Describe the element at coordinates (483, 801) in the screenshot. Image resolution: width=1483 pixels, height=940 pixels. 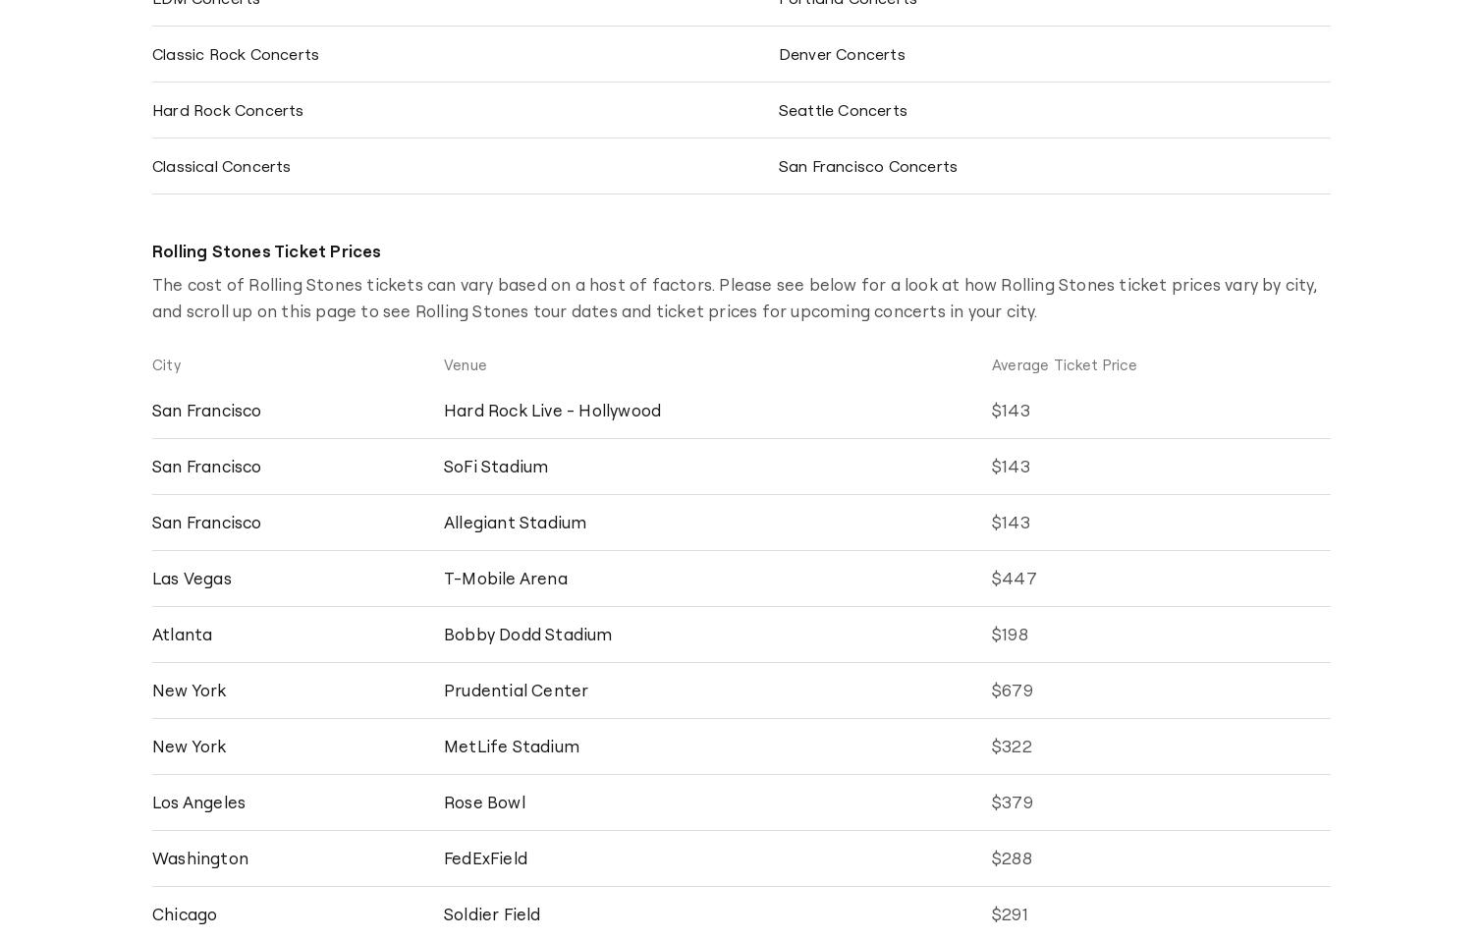
I see `'Rose Bowl'` at that location.